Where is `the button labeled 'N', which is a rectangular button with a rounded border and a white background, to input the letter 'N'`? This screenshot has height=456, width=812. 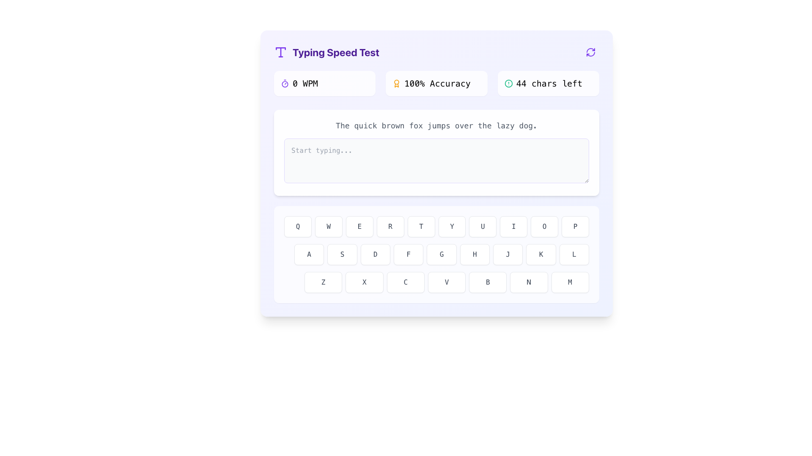
the button labeled 'N', which is a rectangular button with a rounded border and a white background, to input the letter 'N' is located at coordinates (529, 282).